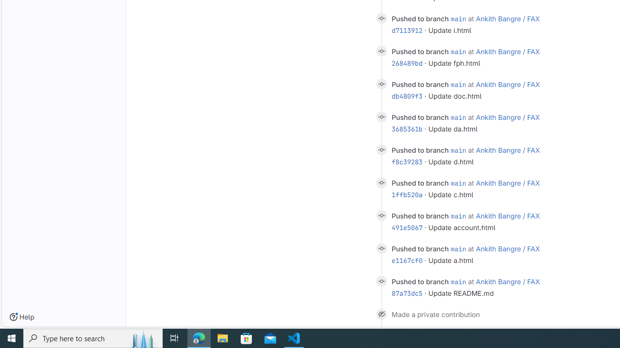  I want to click on 'db4809f3', so click(407, 96).